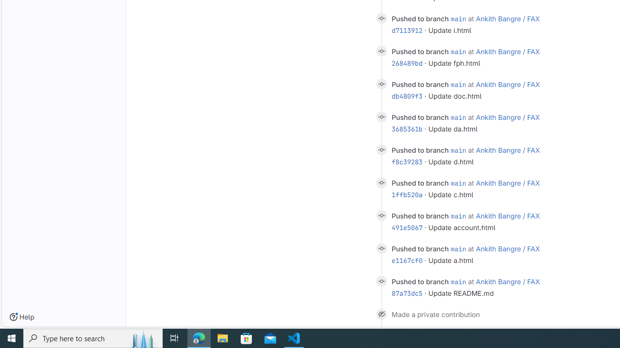  I want to click on 'db4809f3', so click(407, 96).